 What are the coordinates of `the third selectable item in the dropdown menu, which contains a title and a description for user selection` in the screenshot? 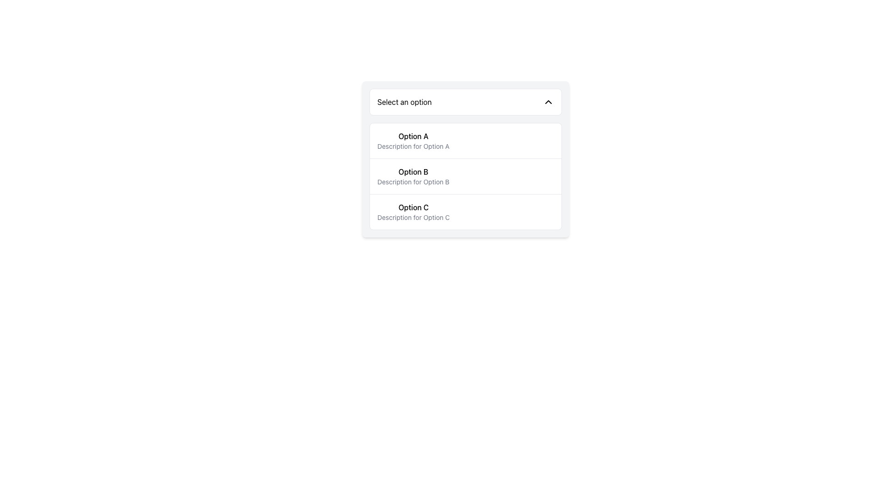 It's located at (466, 212).